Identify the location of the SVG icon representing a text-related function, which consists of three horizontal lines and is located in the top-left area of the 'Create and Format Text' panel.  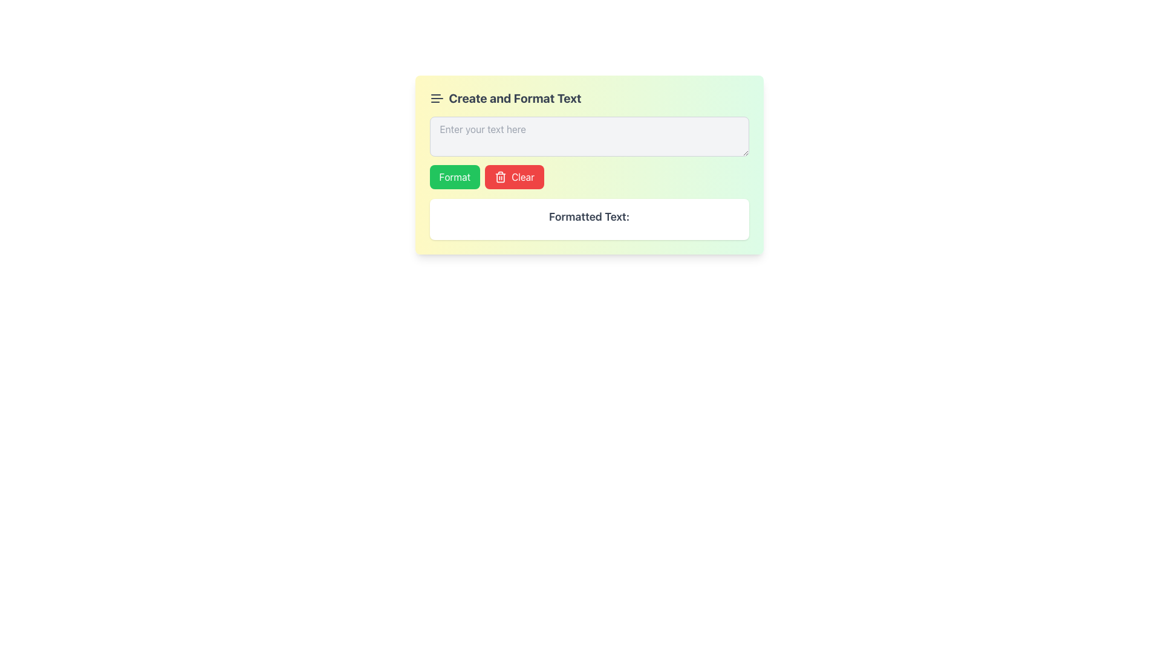
(436, 97).